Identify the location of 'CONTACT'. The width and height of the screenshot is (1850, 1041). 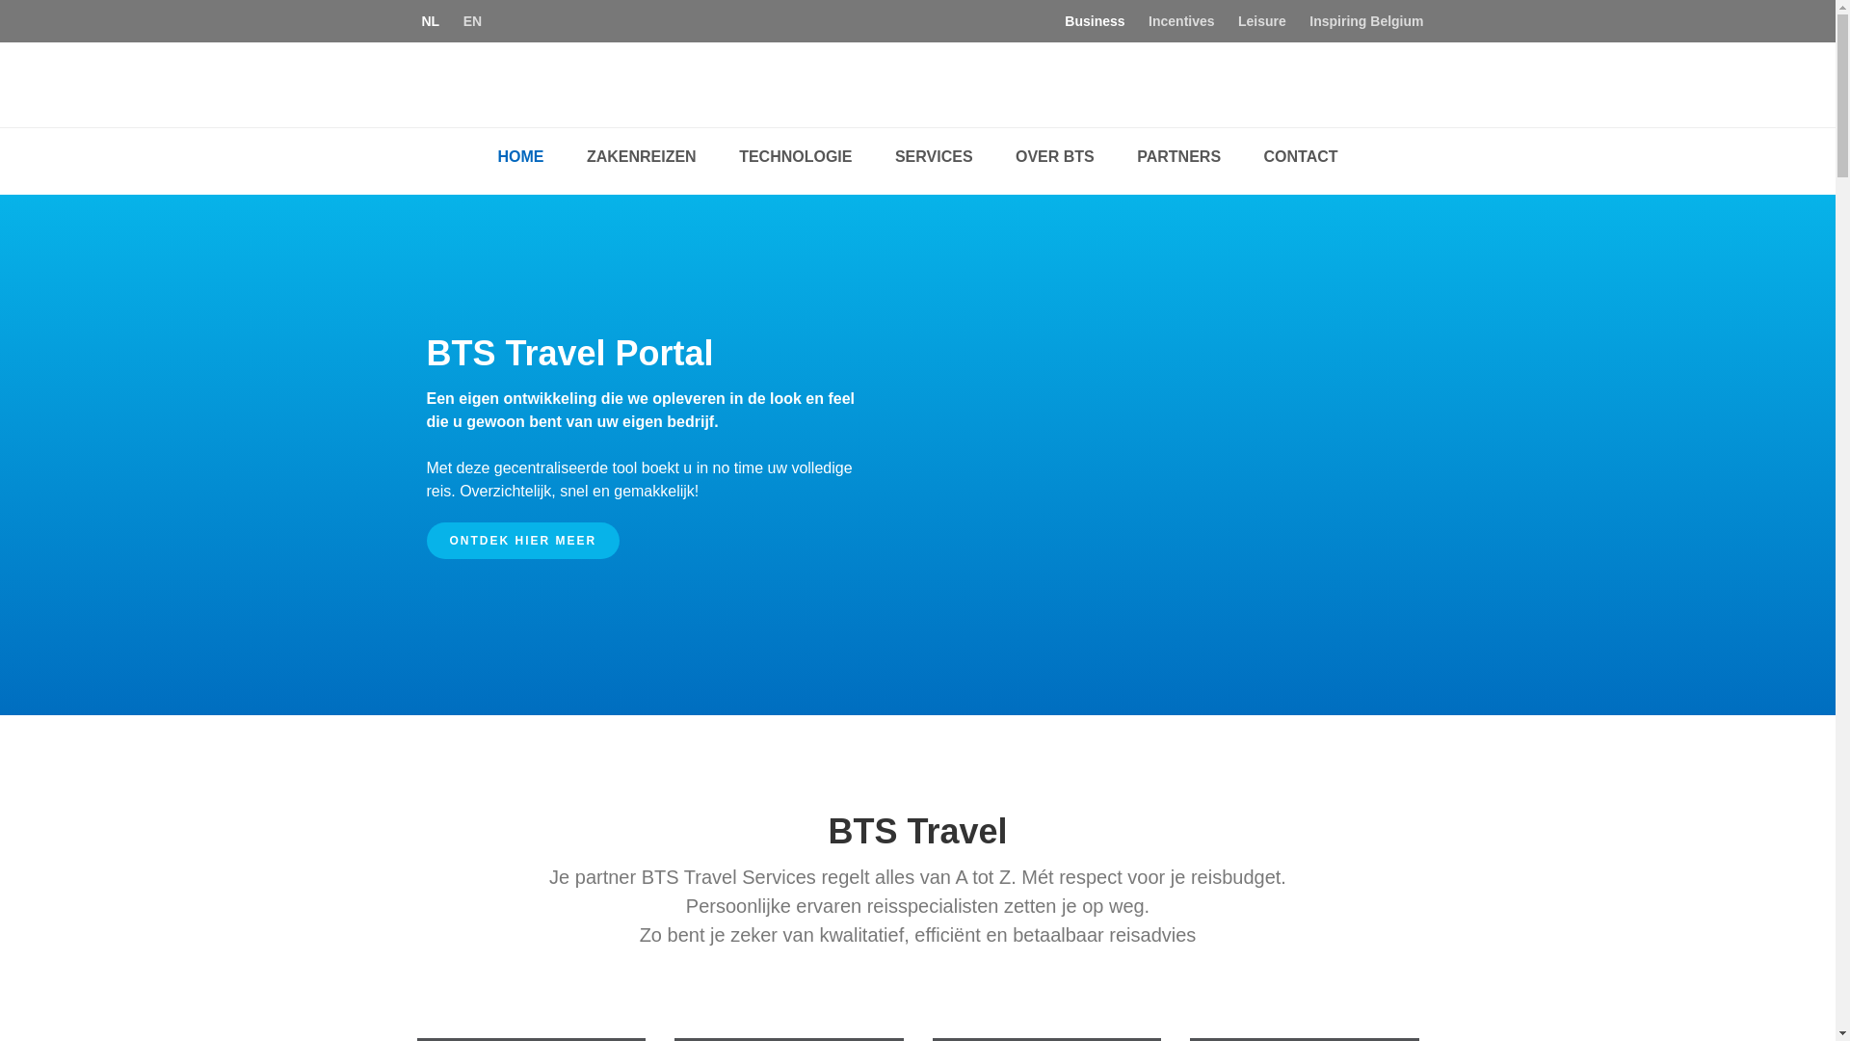
(1301, 155).